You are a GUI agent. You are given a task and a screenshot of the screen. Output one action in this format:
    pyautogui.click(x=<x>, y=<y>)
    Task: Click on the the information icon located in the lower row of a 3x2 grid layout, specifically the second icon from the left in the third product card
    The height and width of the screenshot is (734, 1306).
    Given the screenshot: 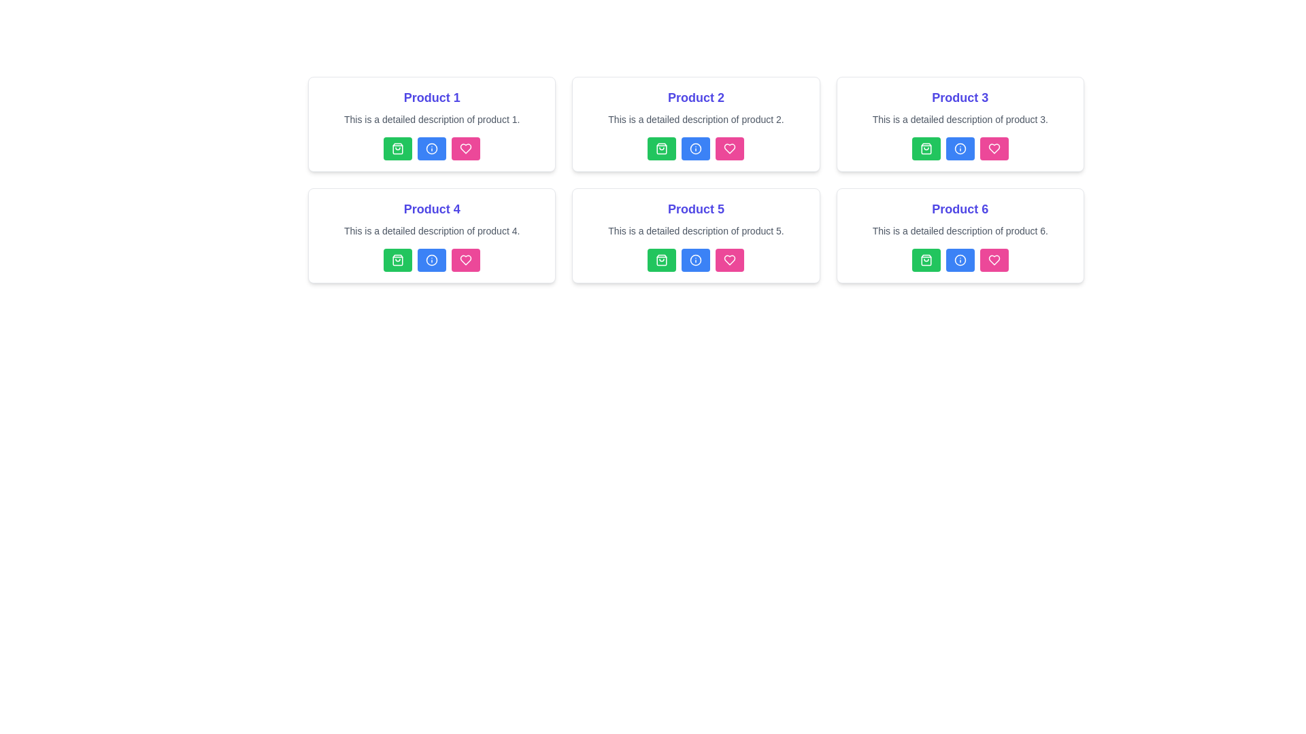 What is the action you would take?
    pyautogui.click(x=959, y=260)
    